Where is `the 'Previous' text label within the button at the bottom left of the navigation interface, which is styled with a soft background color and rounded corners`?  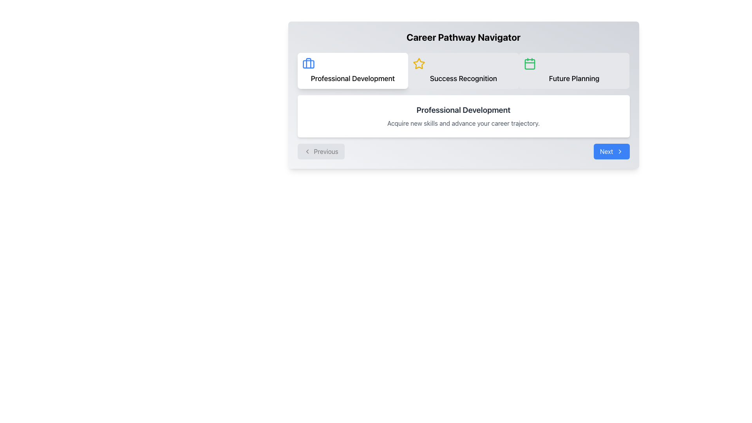
the 'Previous' text label within the button at the bottom left of the navigation interface, which is styled with a soft background color and rounded corners is located at coordinates (326, 151).